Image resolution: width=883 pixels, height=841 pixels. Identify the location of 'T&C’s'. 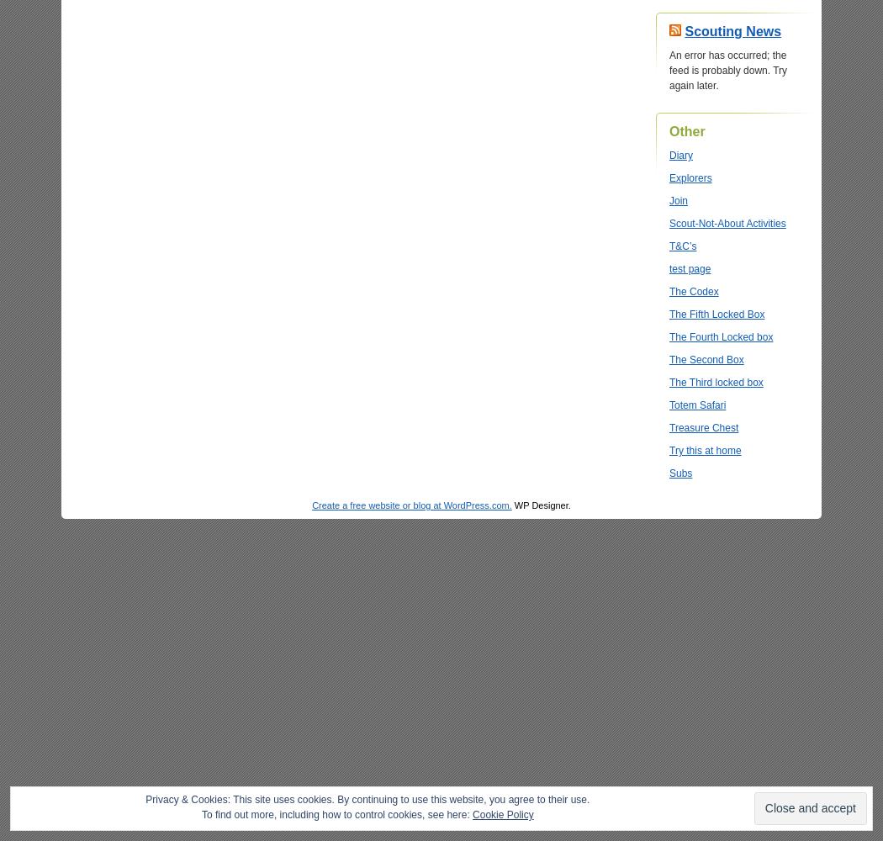
(681, 246).